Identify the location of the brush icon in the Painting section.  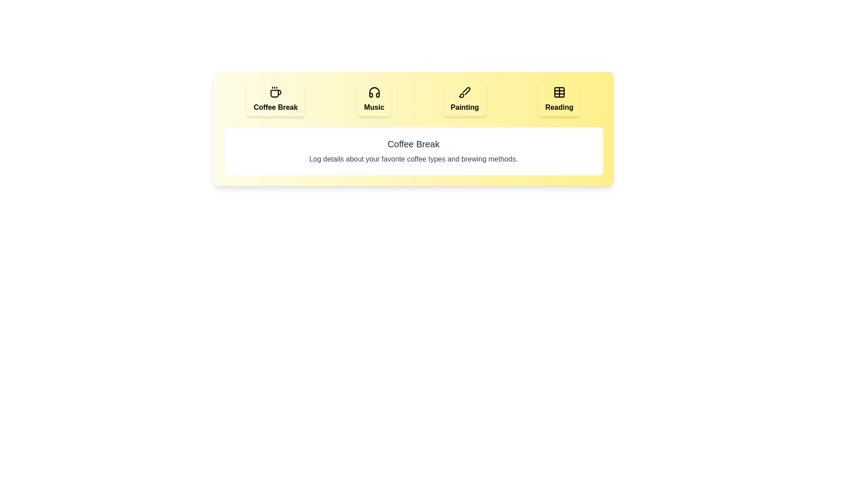
(465, 92).